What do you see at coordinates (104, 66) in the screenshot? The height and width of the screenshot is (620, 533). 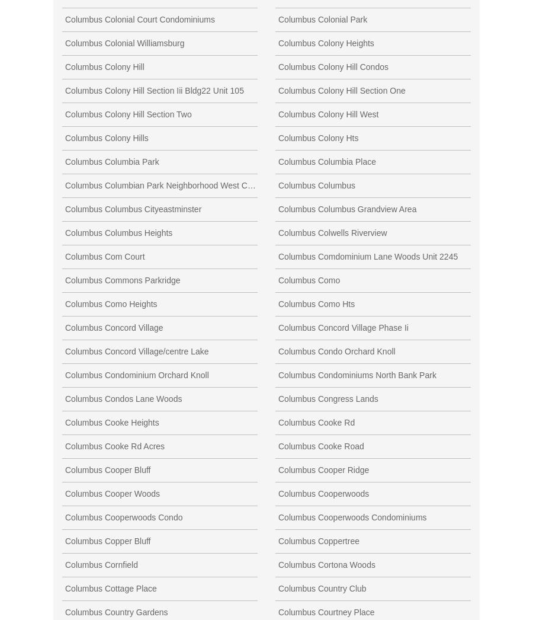 I see `'Columbus Colony Hill'` at bounding box center [104, 66].